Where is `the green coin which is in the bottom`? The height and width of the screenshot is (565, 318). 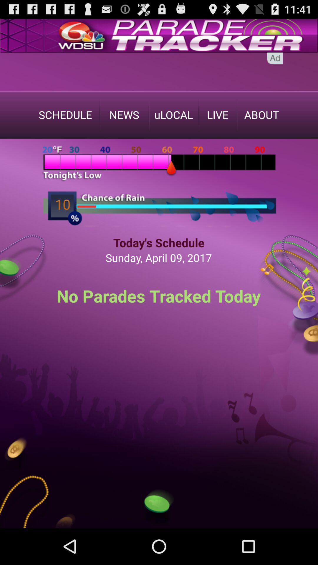
the green coin which is in the bottom is located at coordinates (159, 508).